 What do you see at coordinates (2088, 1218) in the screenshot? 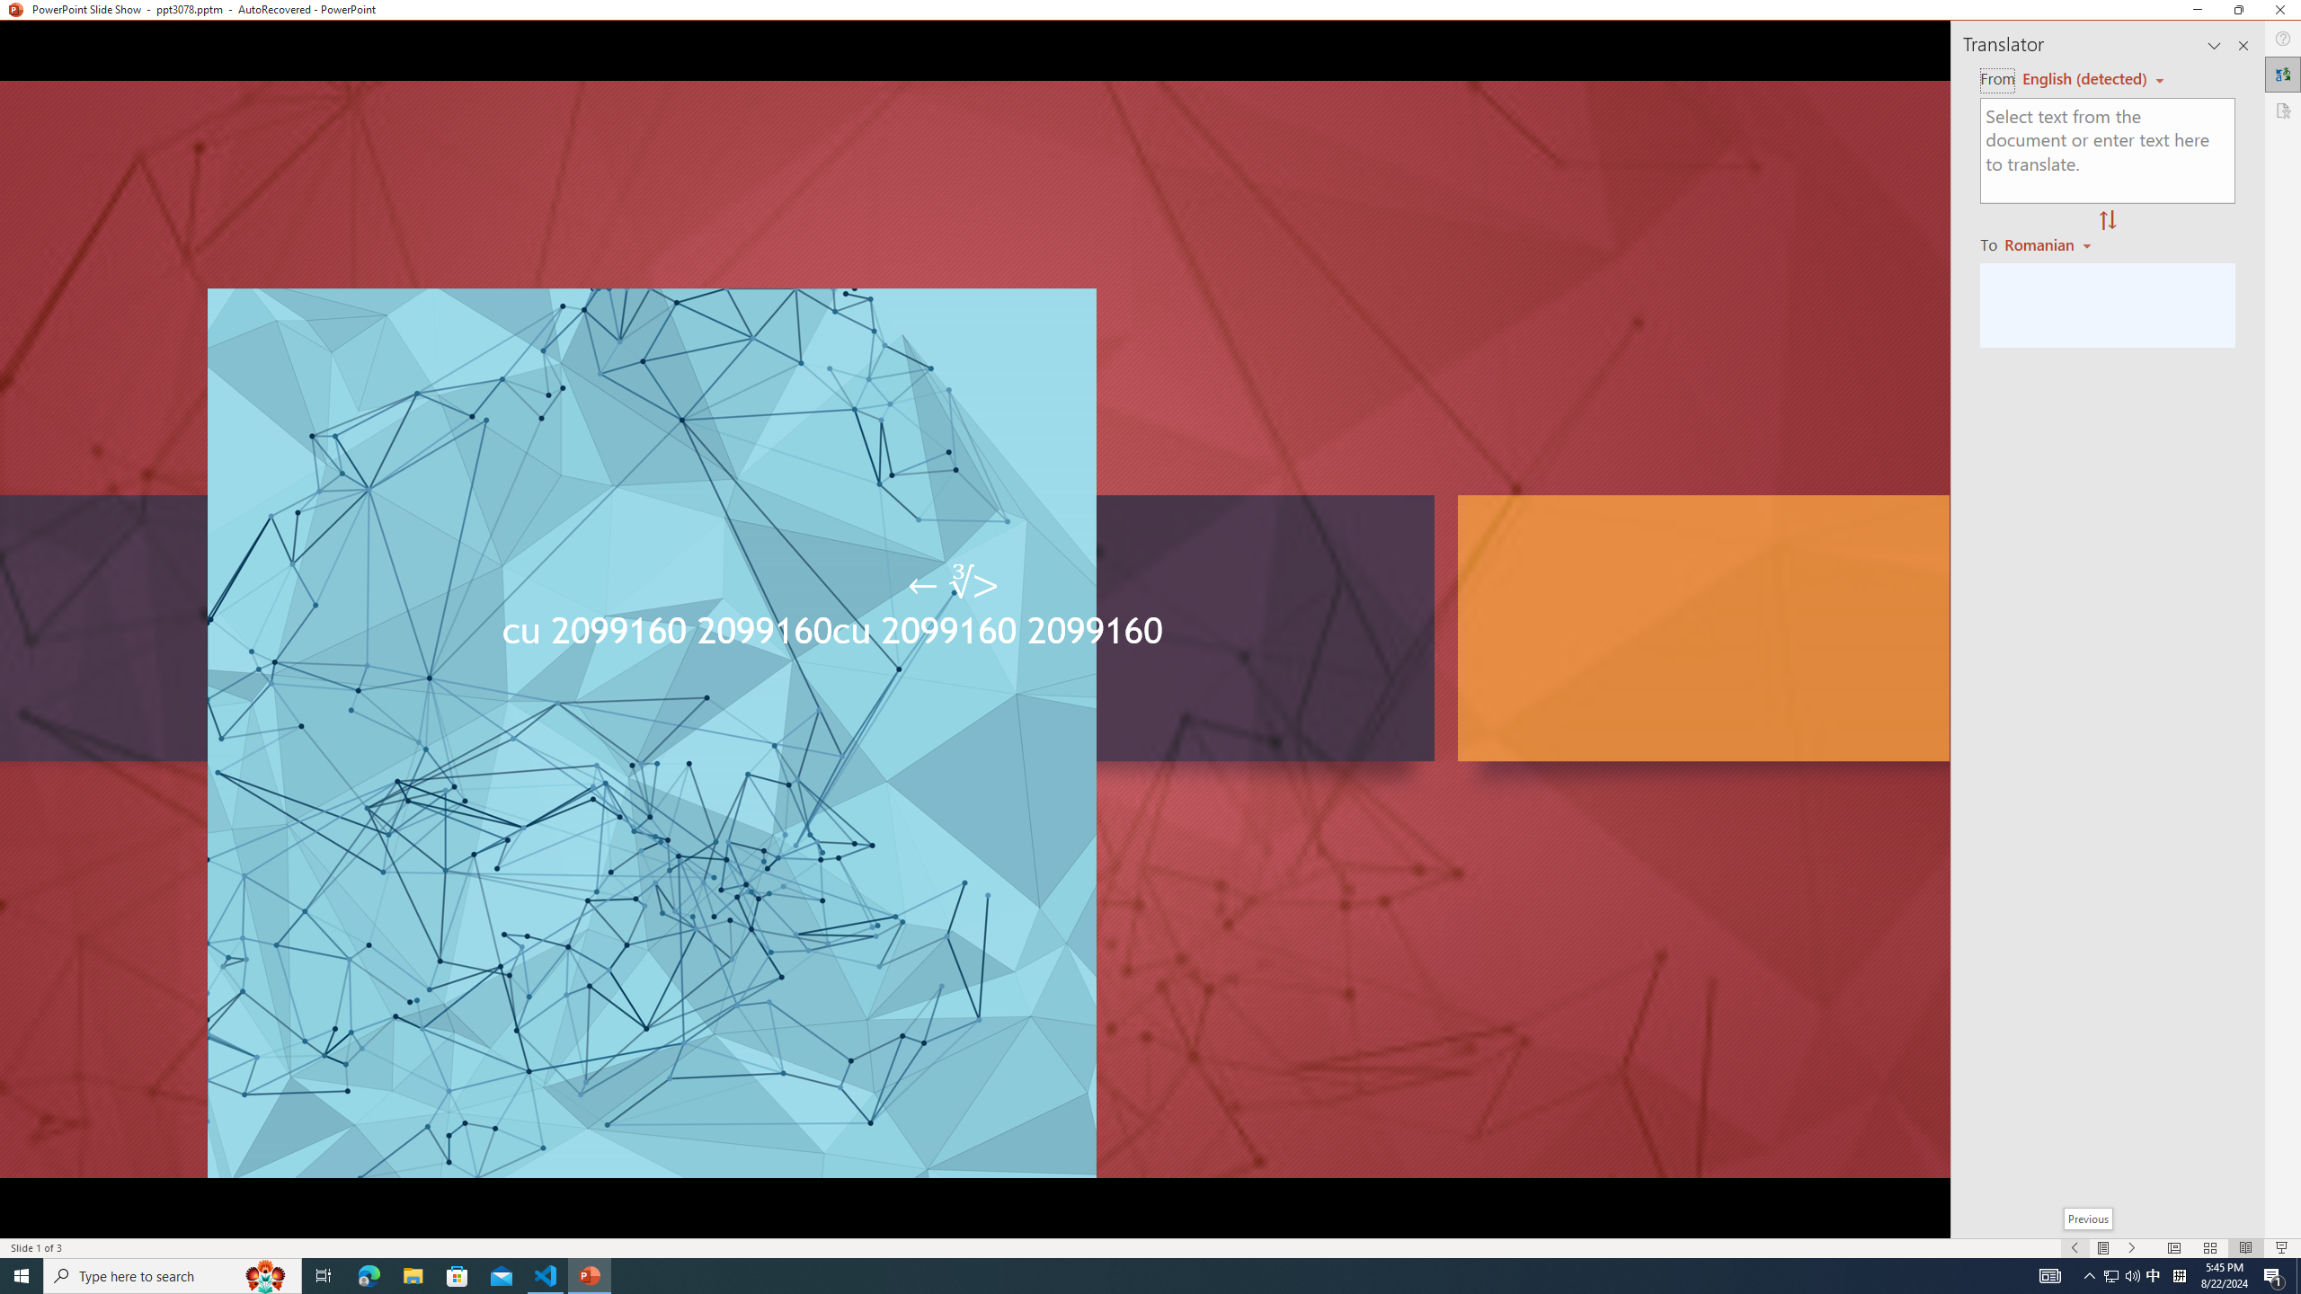
I see `'Previous'` at bounding box center [2088, 1218].